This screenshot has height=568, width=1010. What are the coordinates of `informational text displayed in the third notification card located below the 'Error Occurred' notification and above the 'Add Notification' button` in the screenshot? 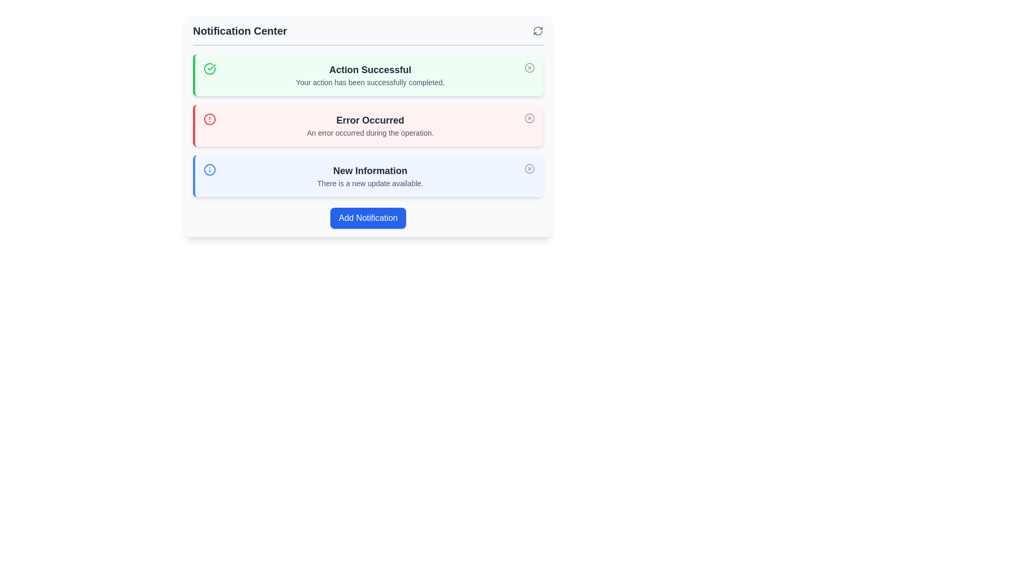 It's located at (370, 176).